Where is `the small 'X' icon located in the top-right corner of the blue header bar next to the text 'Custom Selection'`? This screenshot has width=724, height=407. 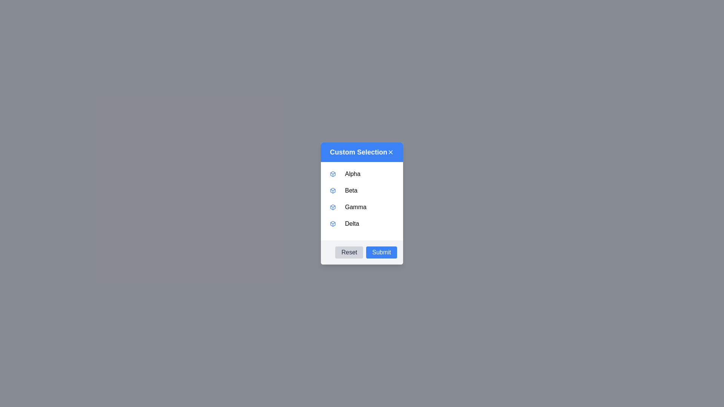 the small 'X' icon located in the top-right corner of the blue header bar next to the text 'Custom Selection' is located at coordinates (391, 152).